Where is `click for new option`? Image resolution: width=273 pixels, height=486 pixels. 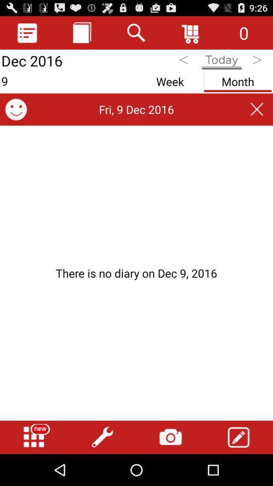
click for new option is located at coordinates (34, 437).